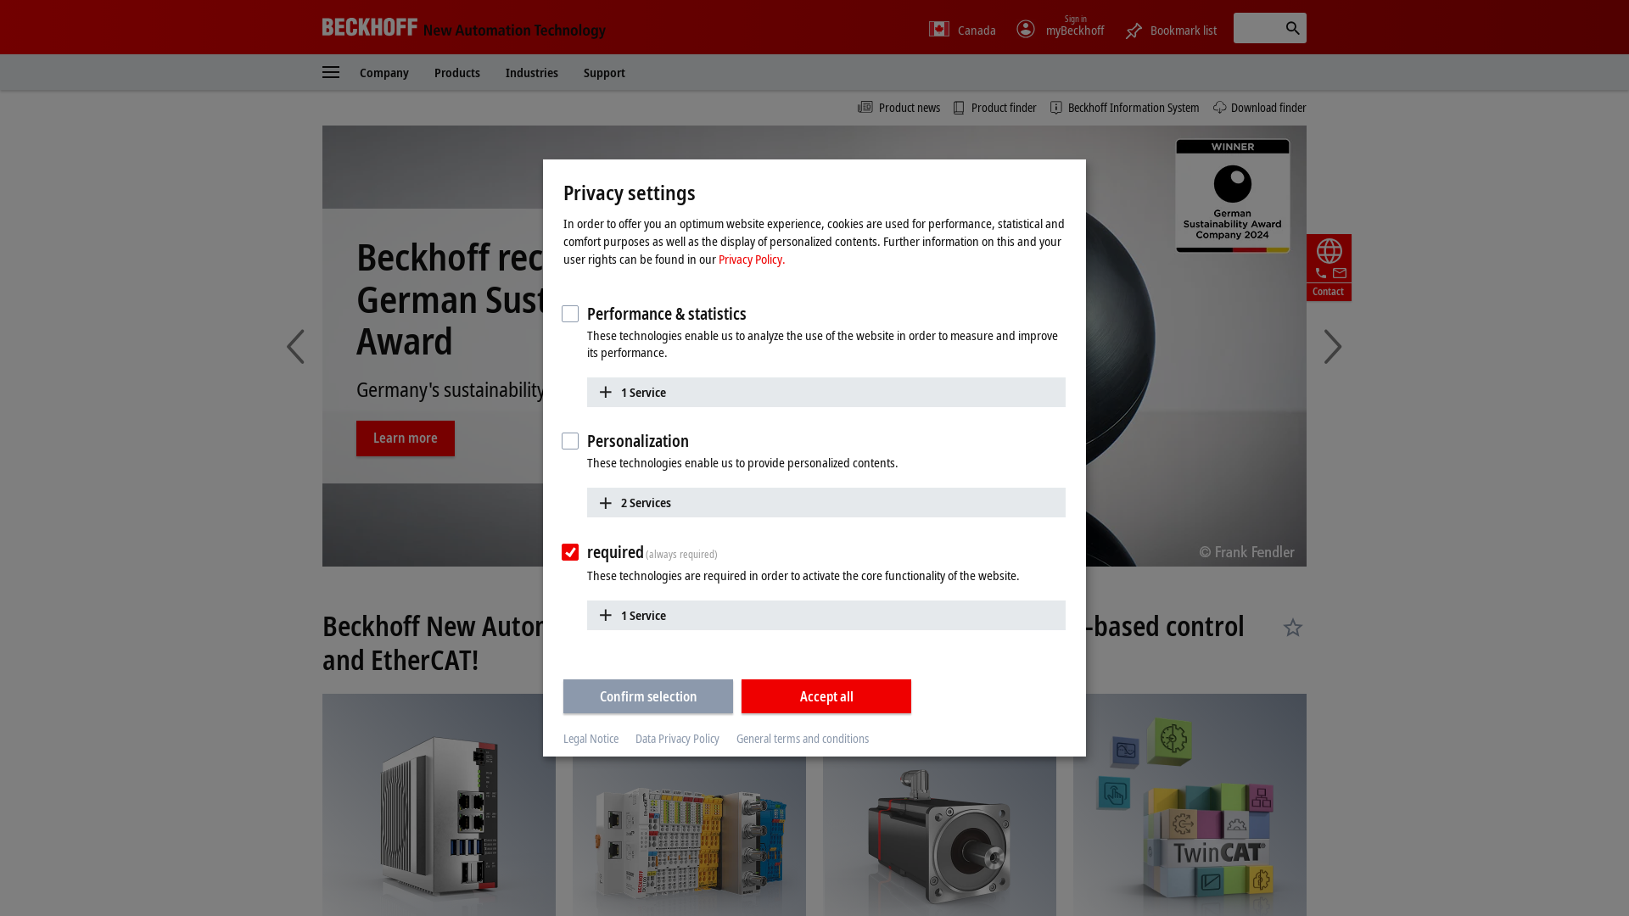  I want to click on 'General terms and conditions', so click(736, 737).